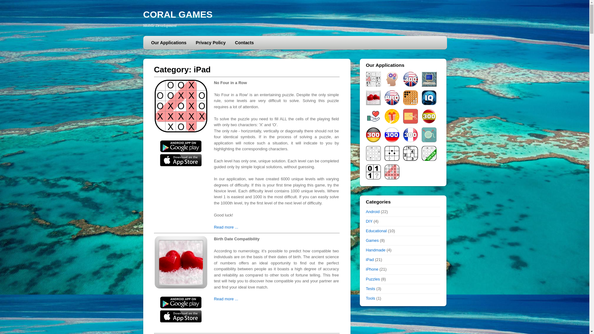  Describe the element at coordinates (244, 42) in the screenshot. I see `'Contacts'` at that location.